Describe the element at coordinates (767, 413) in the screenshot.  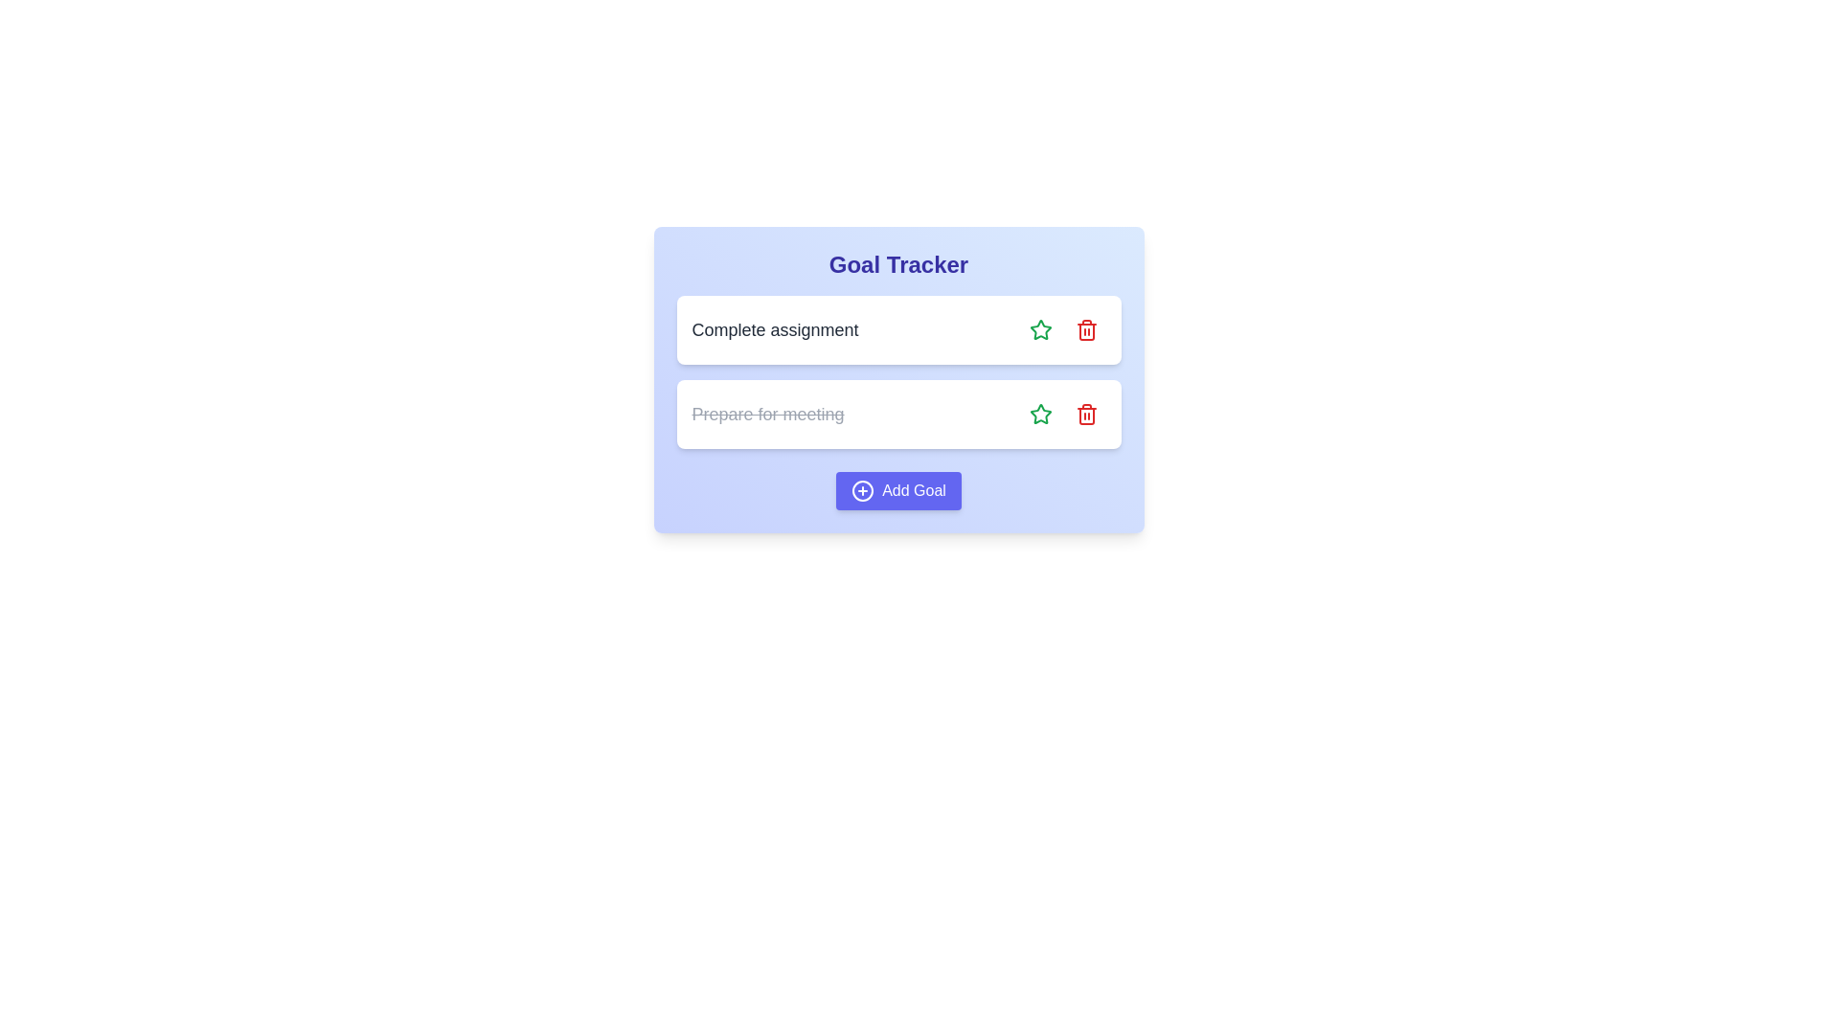
I see `the text label that displays 'Prepare for meeting', which is styled with a strikethrough font in gray color, indicating task completion within the second entry of a vertically stacked list of tasks` at that location.